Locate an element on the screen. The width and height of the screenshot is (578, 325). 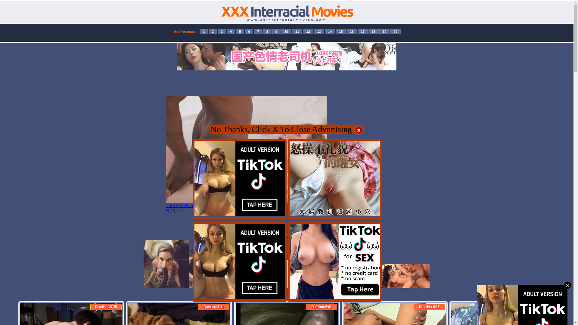
'18' is located at coordinates (373, 31).